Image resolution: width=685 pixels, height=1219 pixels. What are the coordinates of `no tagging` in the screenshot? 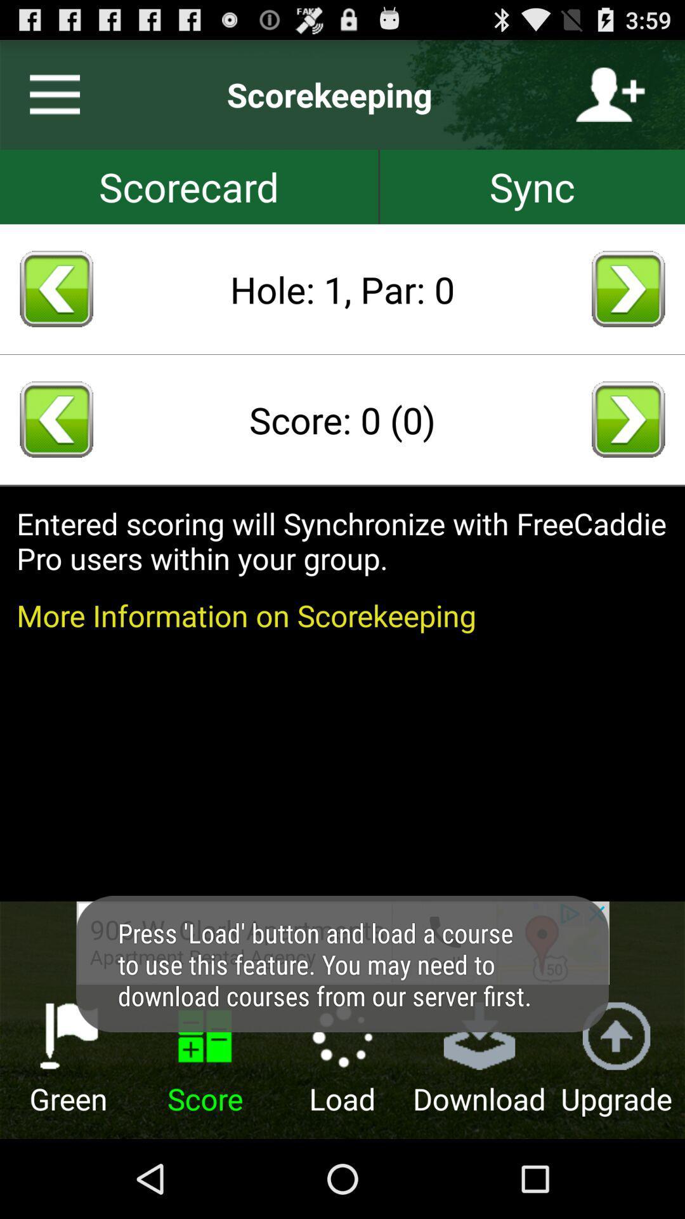 It's located at (188, 186).